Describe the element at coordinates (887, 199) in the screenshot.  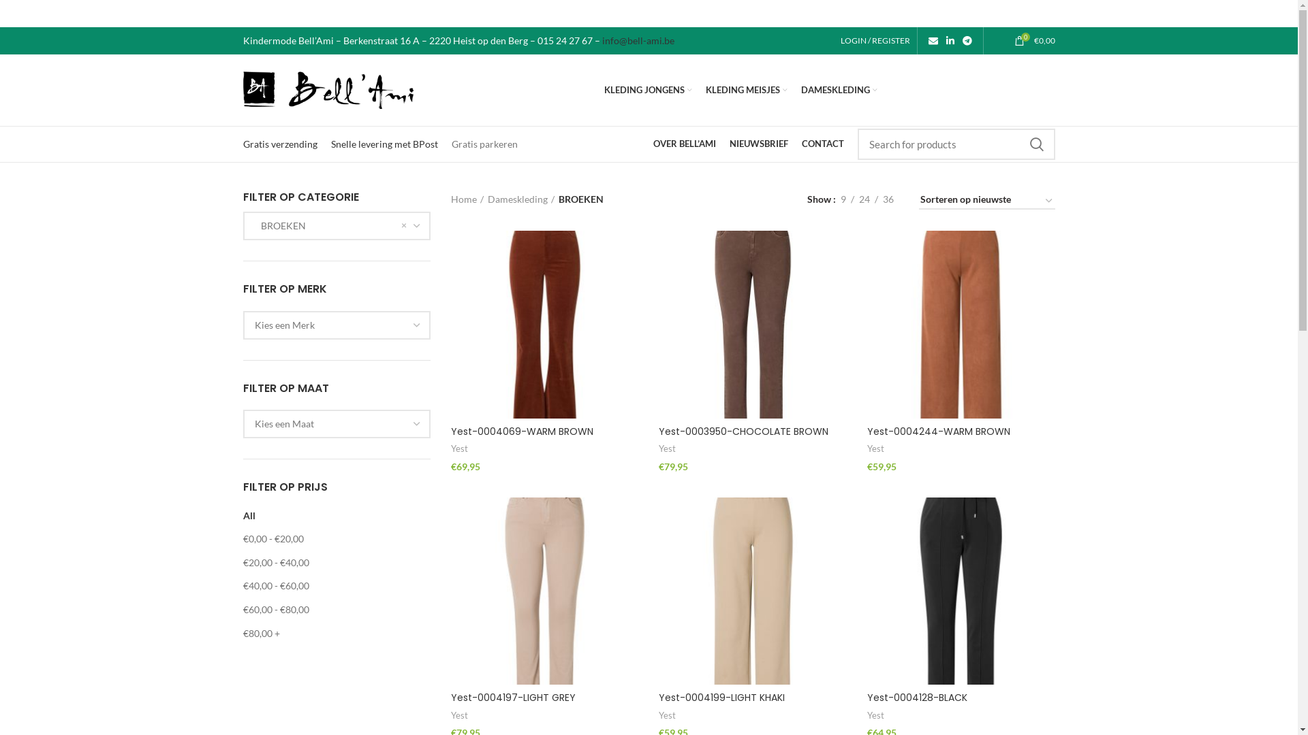
I see `'36'` at that location.